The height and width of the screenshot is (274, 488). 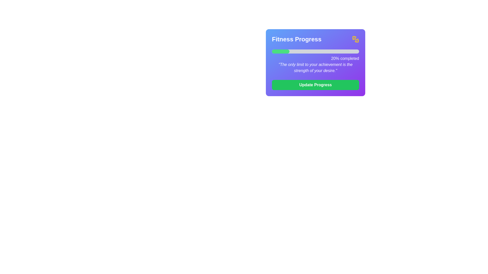 I want to click on the static text display component that shows an inspirational quote, located below the '20% completed' progress bar description and above the 'Update Progress' green button, so click(x=315, y=67).